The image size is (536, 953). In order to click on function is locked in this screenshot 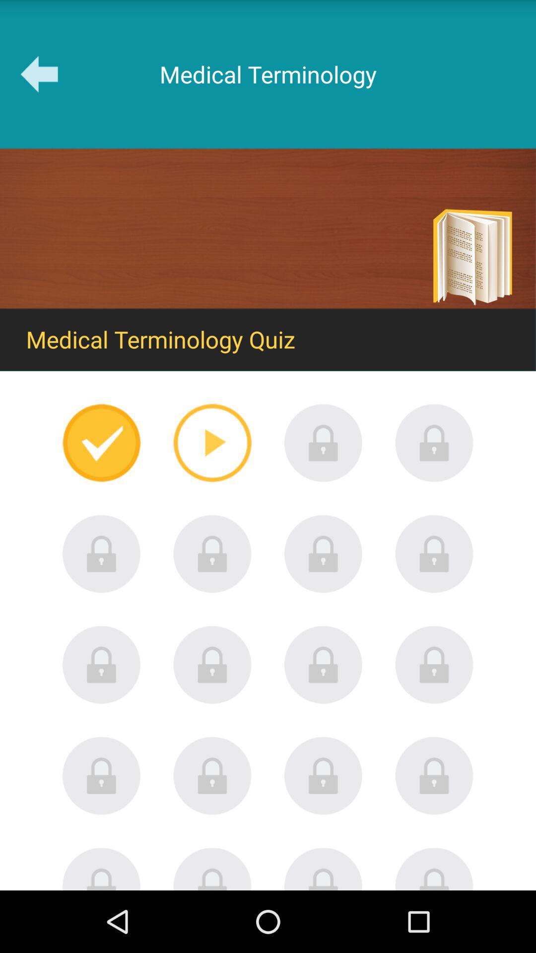, I will do `click(212, 553)`.